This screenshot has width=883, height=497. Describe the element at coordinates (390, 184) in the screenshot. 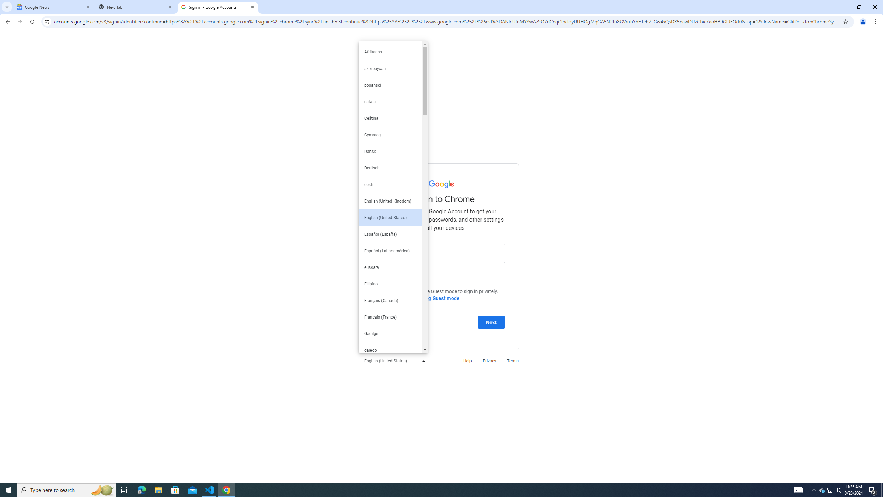

I see `'eesti'` at that location.